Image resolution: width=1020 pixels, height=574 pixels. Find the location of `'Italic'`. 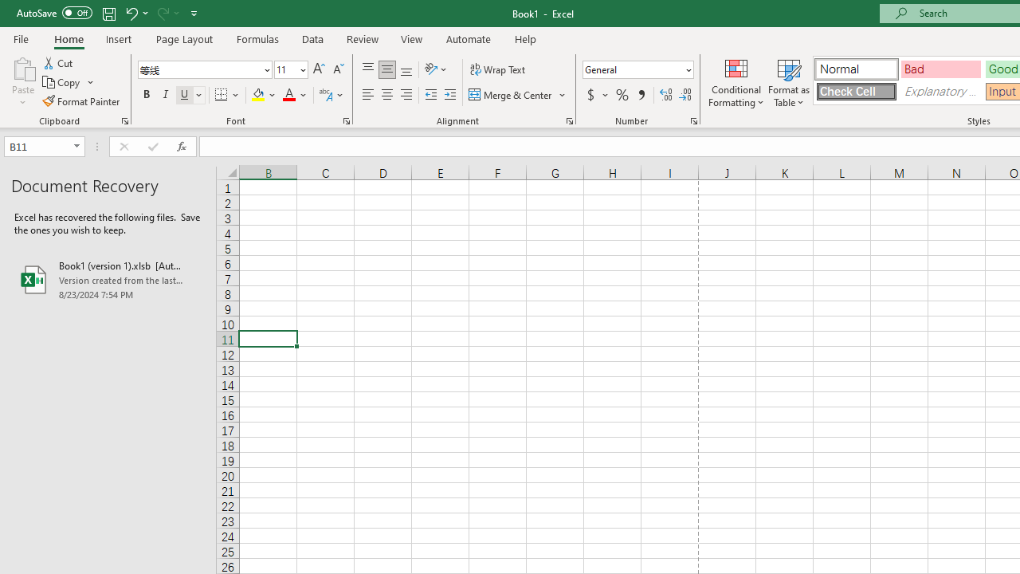

'Italic' is located at coordinates (166, 95).